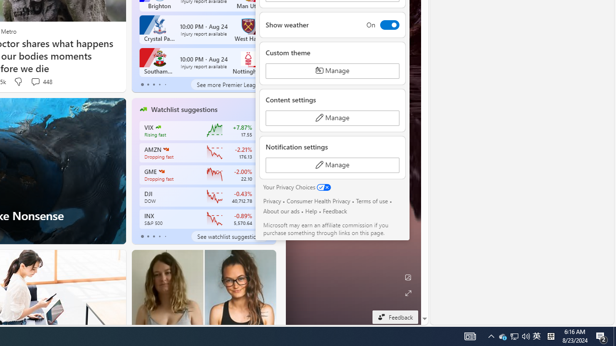  Describe the element at coordinates (311, 210) in the screenshot. I see `'Help'` at that location.